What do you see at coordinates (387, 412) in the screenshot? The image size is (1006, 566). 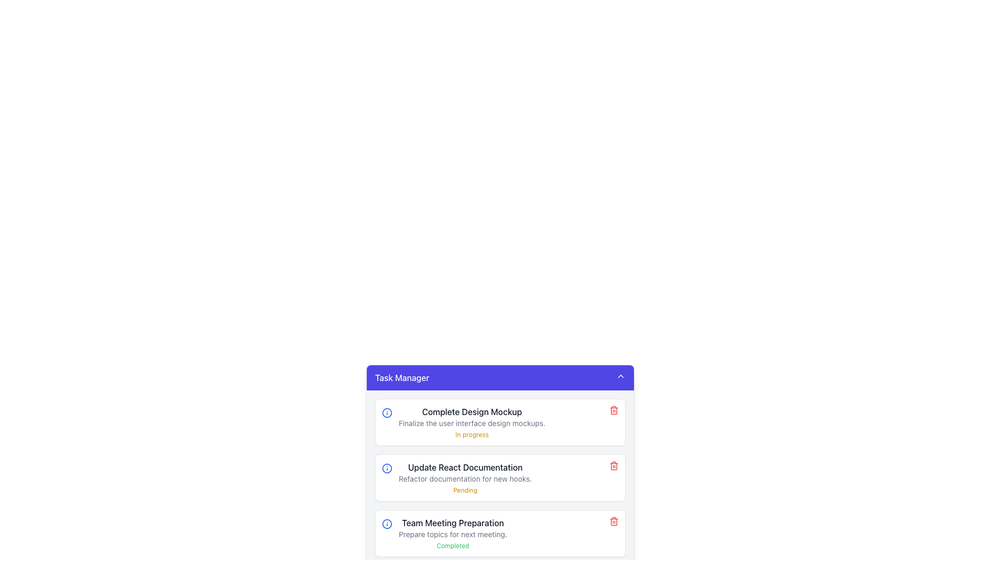 I see `the circular information icon with a blue outline and white center, which is the first item icon in the task manager interface` at bounding box center [387, 412].